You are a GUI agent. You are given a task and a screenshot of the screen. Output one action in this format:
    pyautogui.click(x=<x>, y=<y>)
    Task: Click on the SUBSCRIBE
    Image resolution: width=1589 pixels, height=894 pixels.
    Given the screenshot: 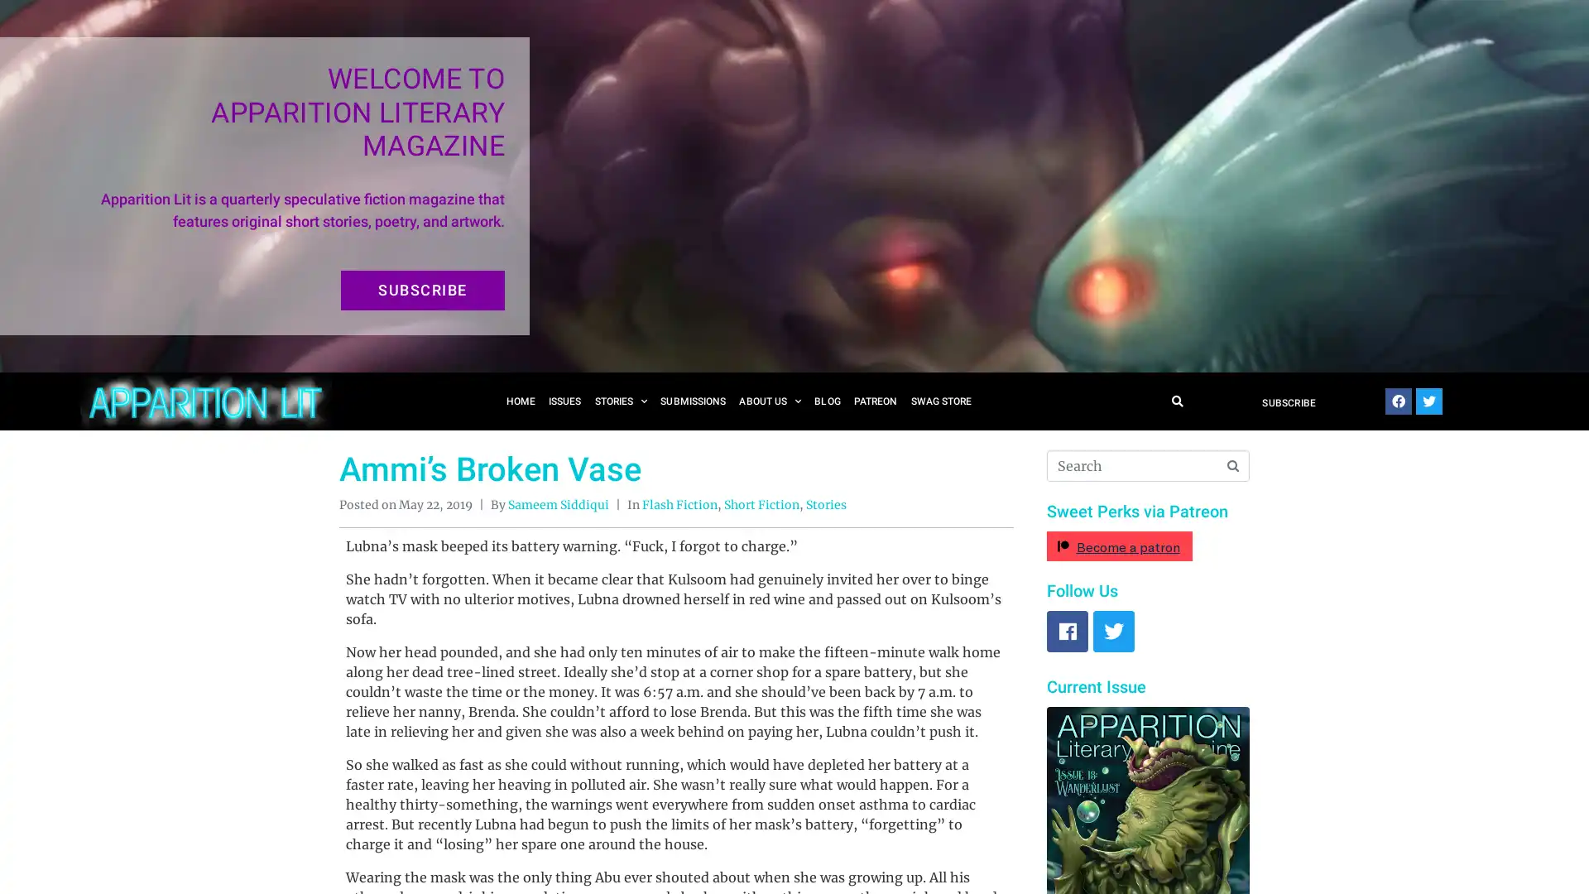 What is the action you would take?
    pyautogui.click(x=422, y=290)
    